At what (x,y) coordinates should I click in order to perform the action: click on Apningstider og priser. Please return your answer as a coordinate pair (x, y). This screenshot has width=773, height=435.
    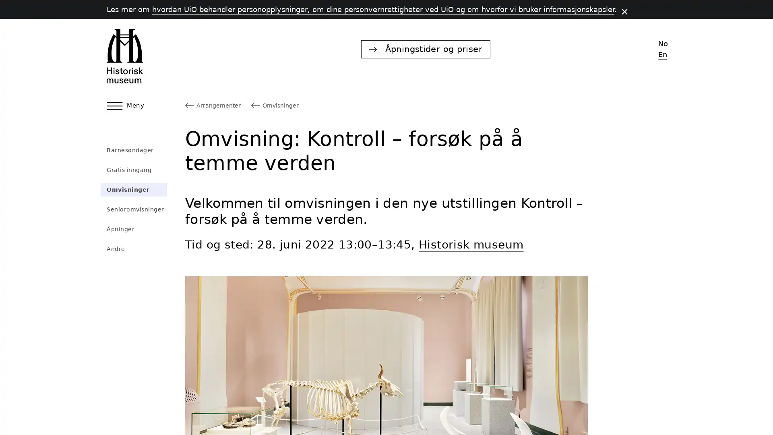
    Looking at the image, I should click on (549, 49).